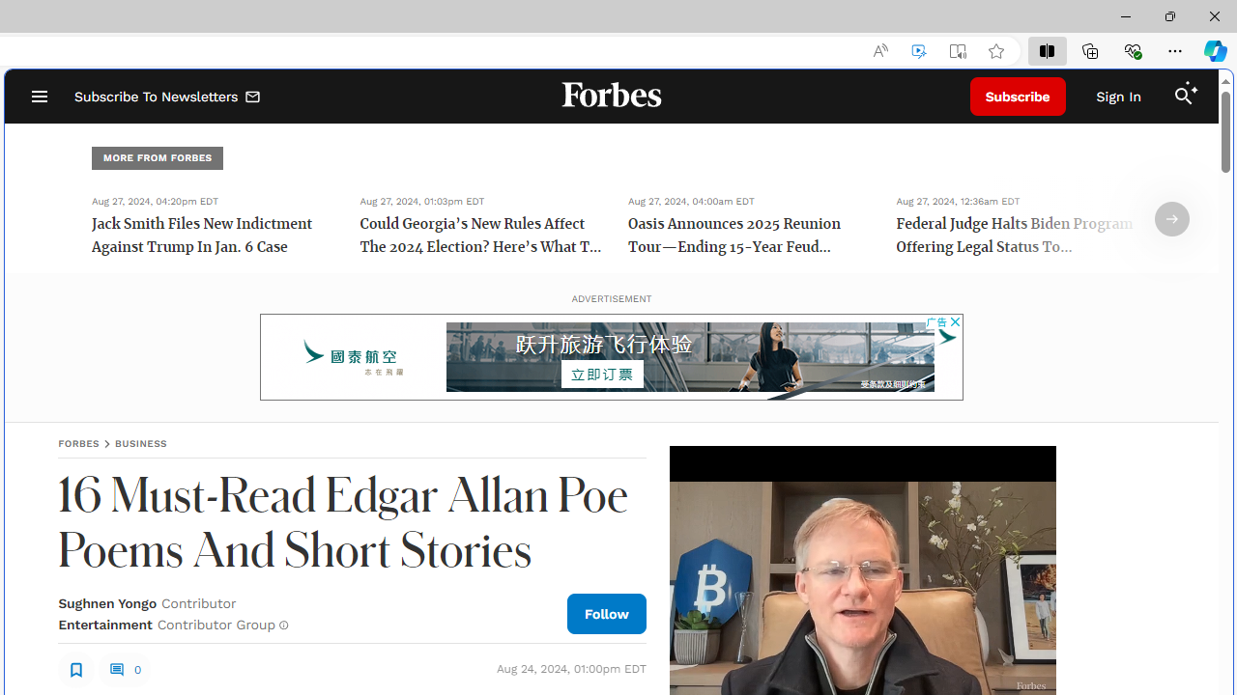  I want to click on 'Search', so click(1182, 97).